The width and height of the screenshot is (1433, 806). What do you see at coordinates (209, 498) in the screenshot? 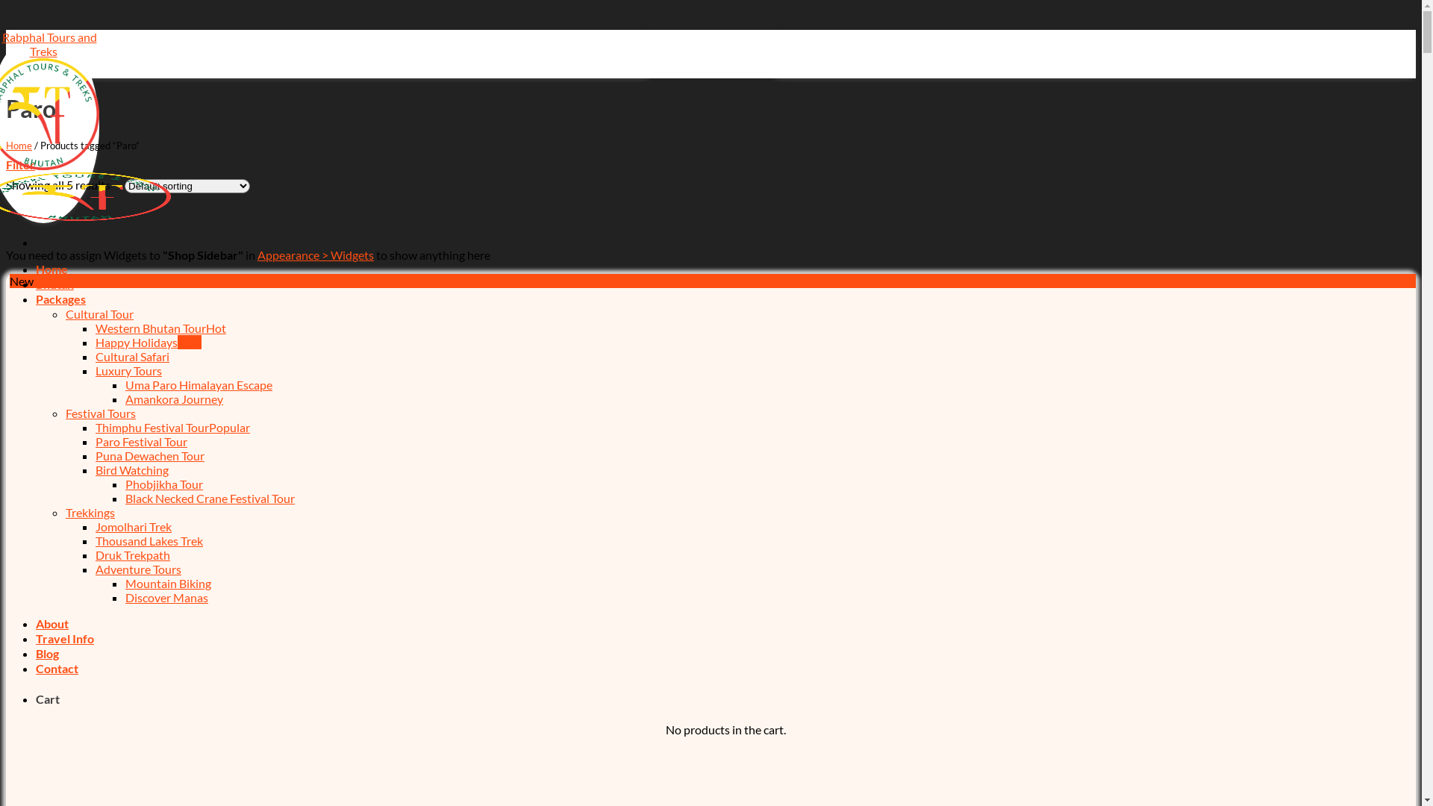
I see `'Black Necked Crane Festival Tour'` at bounding box center [209, 498].